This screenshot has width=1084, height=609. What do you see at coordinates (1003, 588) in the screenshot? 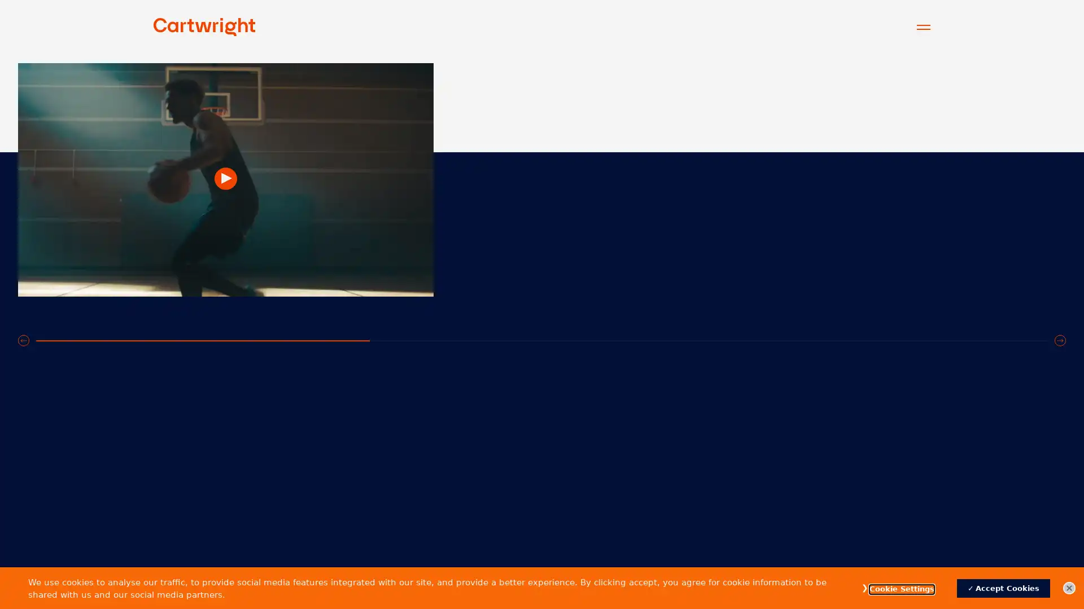
I see `Accept Cookies` at bounding box center [1003, 588].